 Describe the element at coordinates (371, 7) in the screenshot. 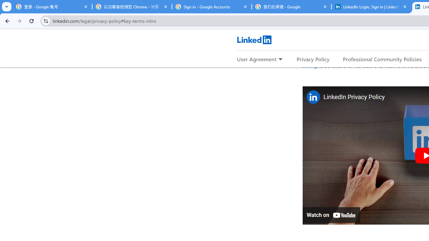

I see `'LinkedIn Login, Sign in | LinkedIn'` at that location.